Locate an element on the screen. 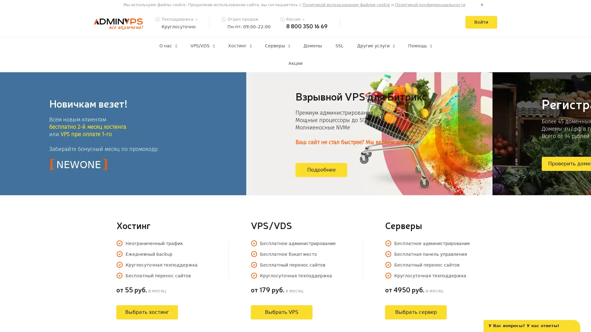  Next is located at coordinates (561, 135).